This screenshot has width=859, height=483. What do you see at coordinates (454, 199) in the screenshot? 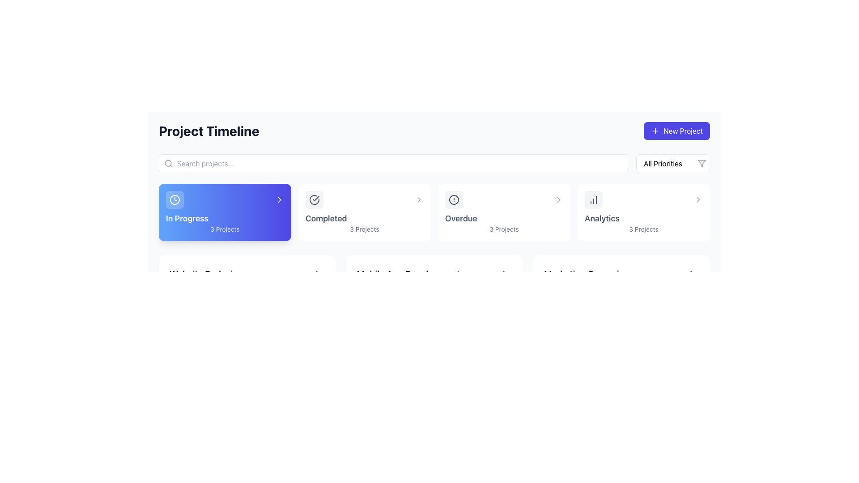
I see `the alert icon that indicates the 'Overdue' status of the card it is in, located at the center of the icon's position` at bounding box center [454, 199].